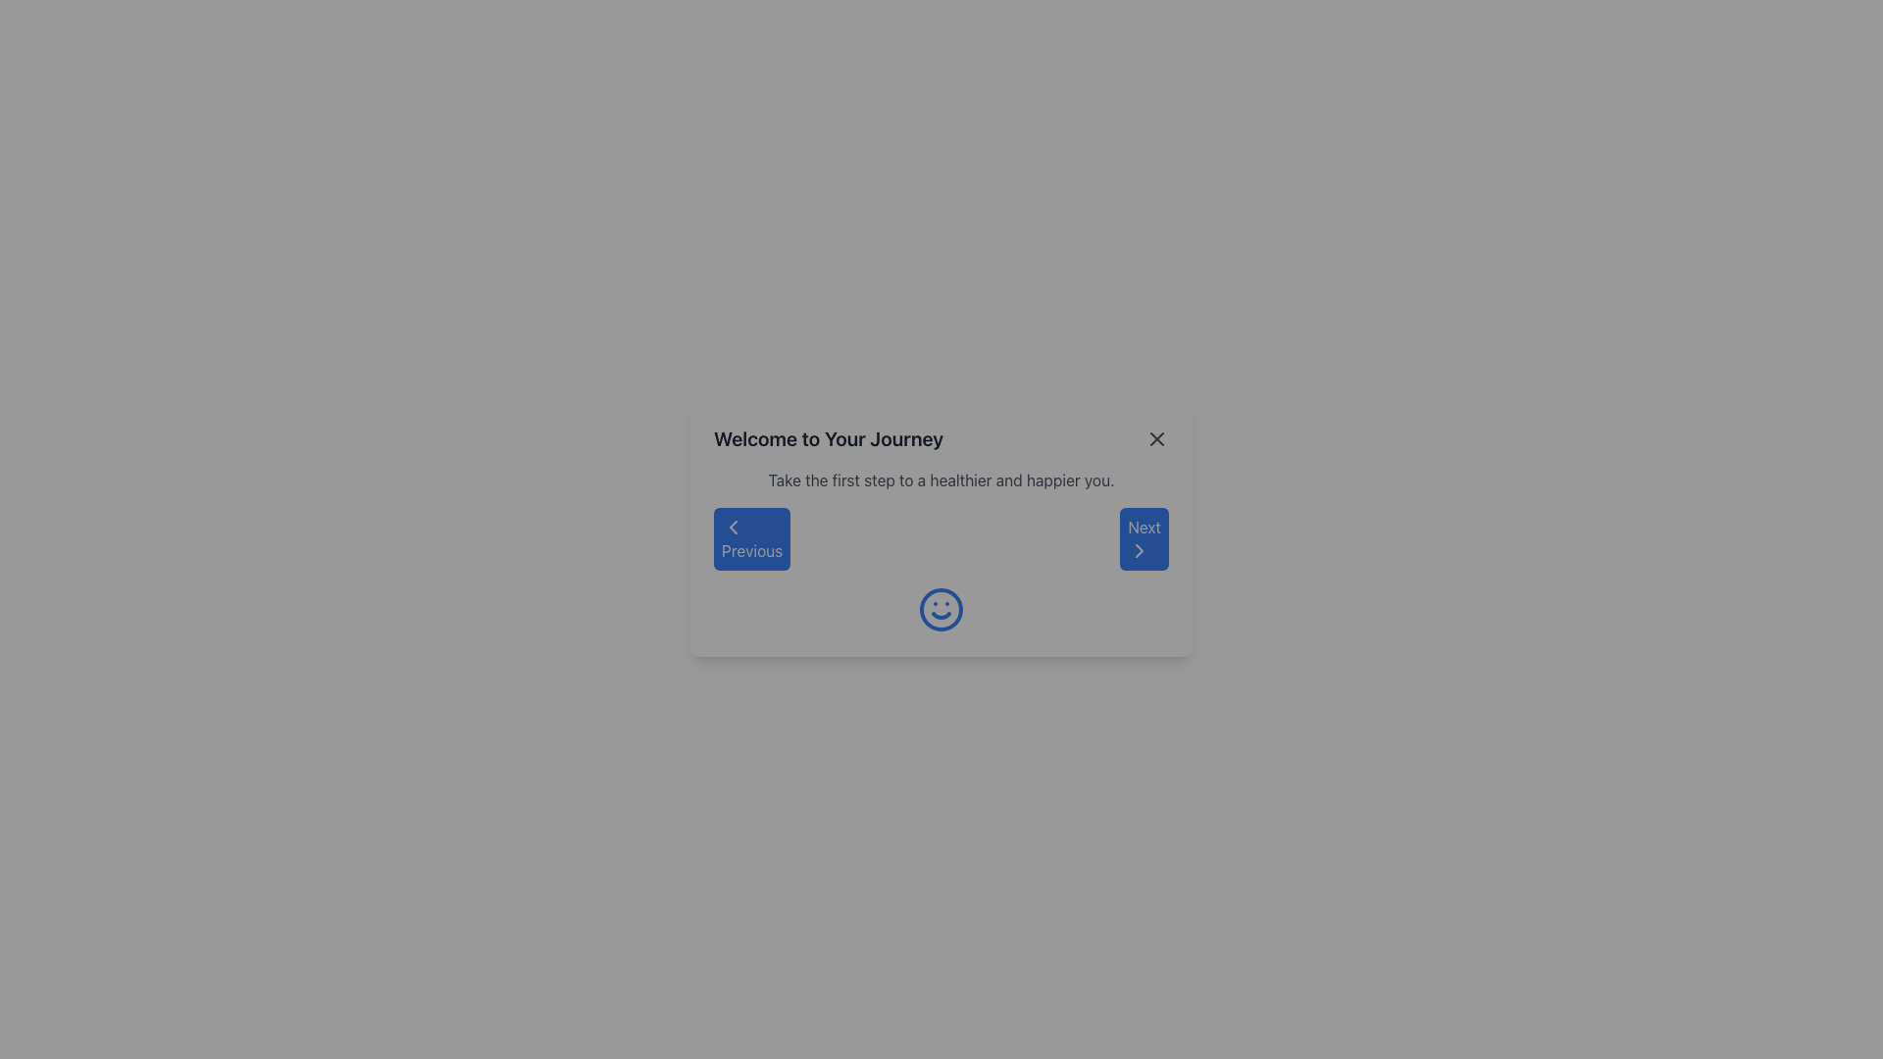 The height and width of the screenshot is (1059, 1883). I want to click on the icon within the 'Next' button located in the bottom-right corner of the modal, so click(1140, 551).